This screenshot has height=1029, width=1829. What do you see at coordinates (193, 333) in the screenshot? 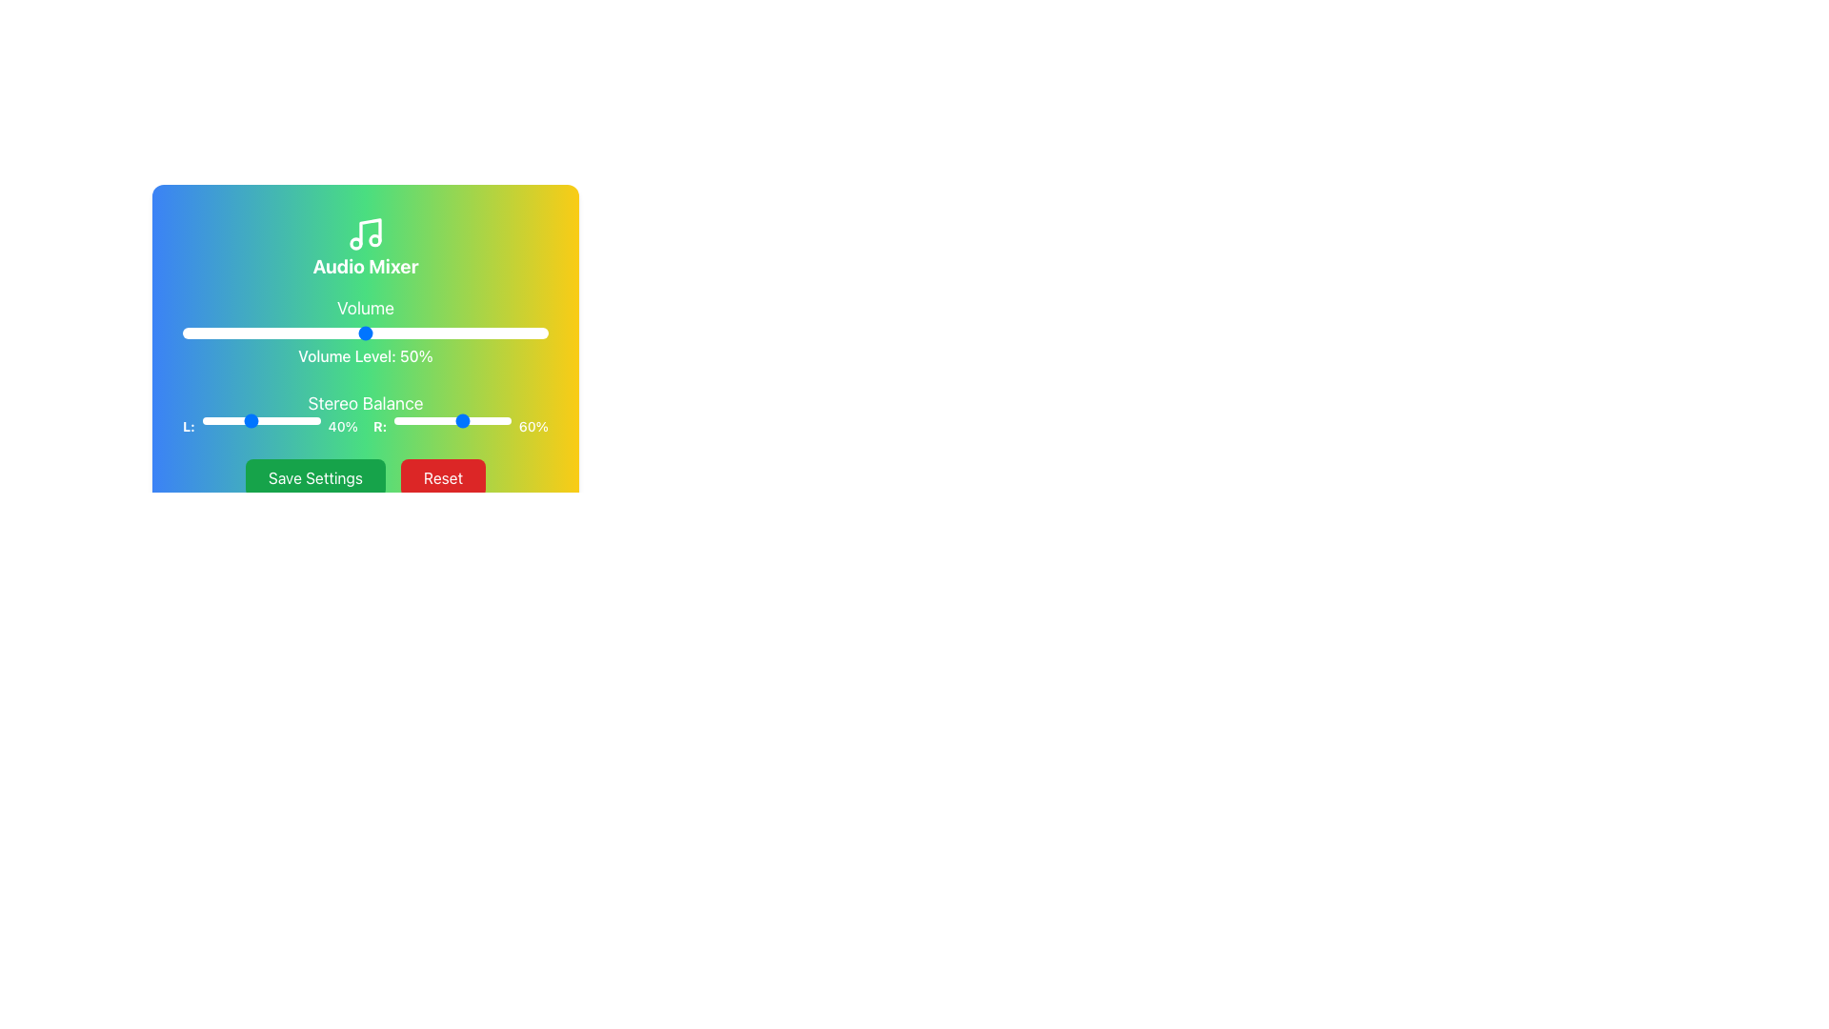
I see `the volume slider` at bounding box center [193, 333].